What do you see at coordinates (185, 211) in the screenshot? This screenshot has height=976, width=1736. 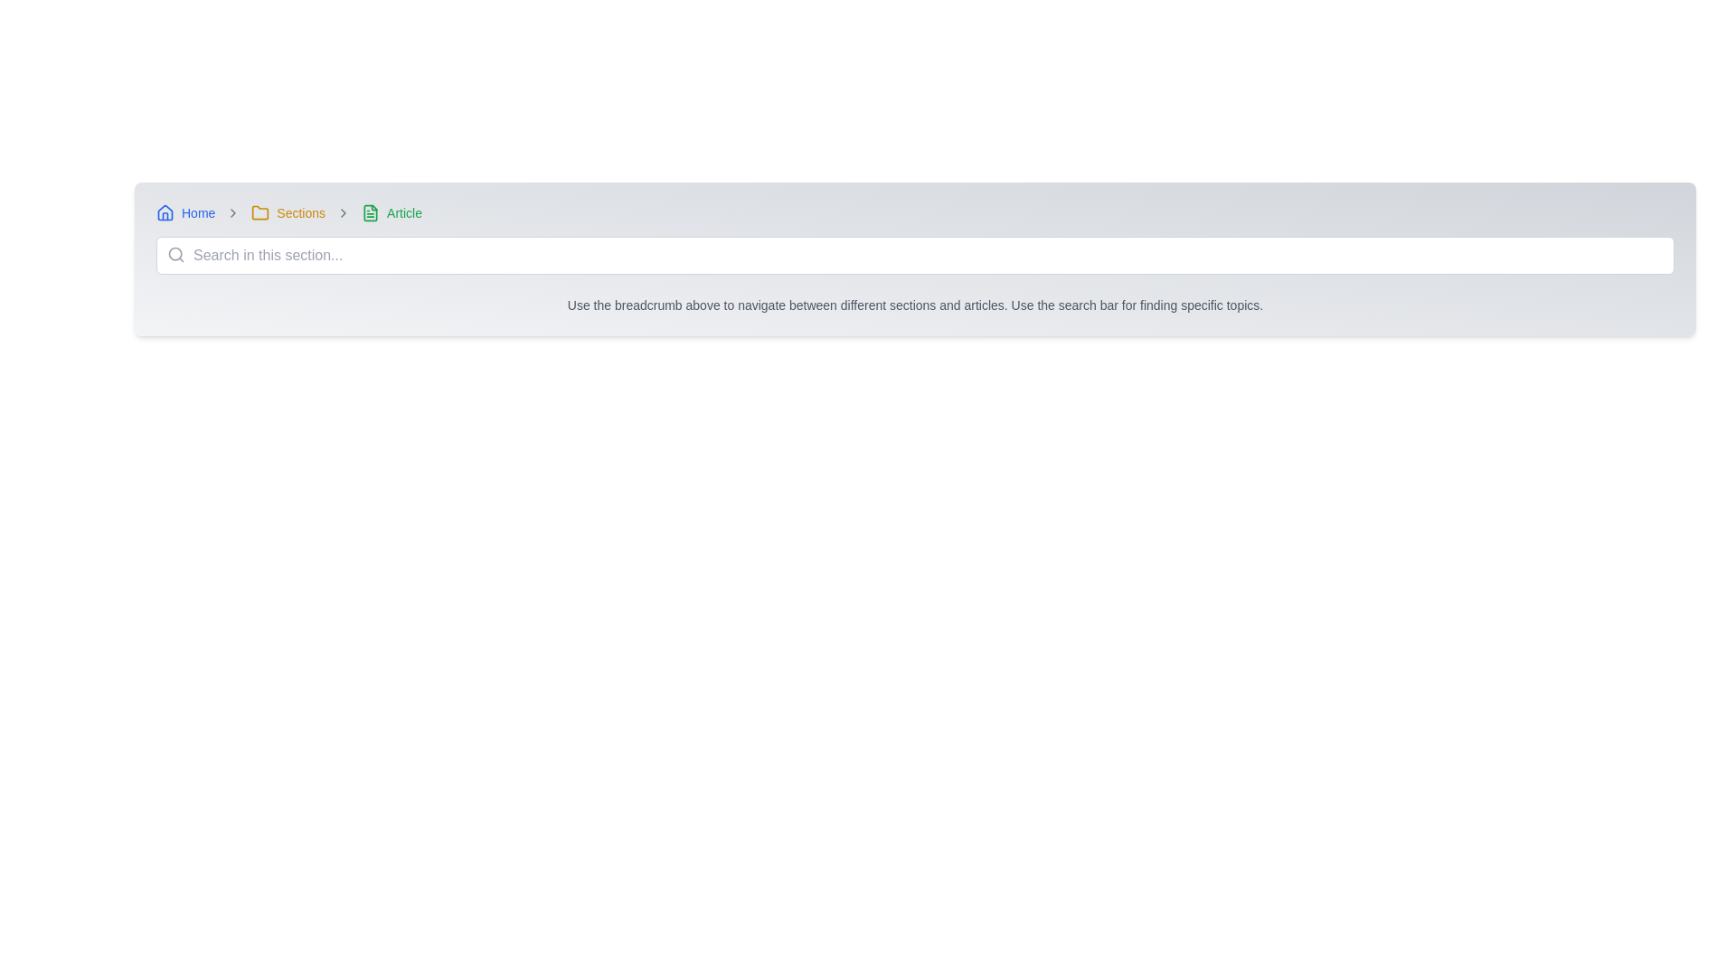 I see `the breadcrumb link at the far left` at bounding box center [185, 211].